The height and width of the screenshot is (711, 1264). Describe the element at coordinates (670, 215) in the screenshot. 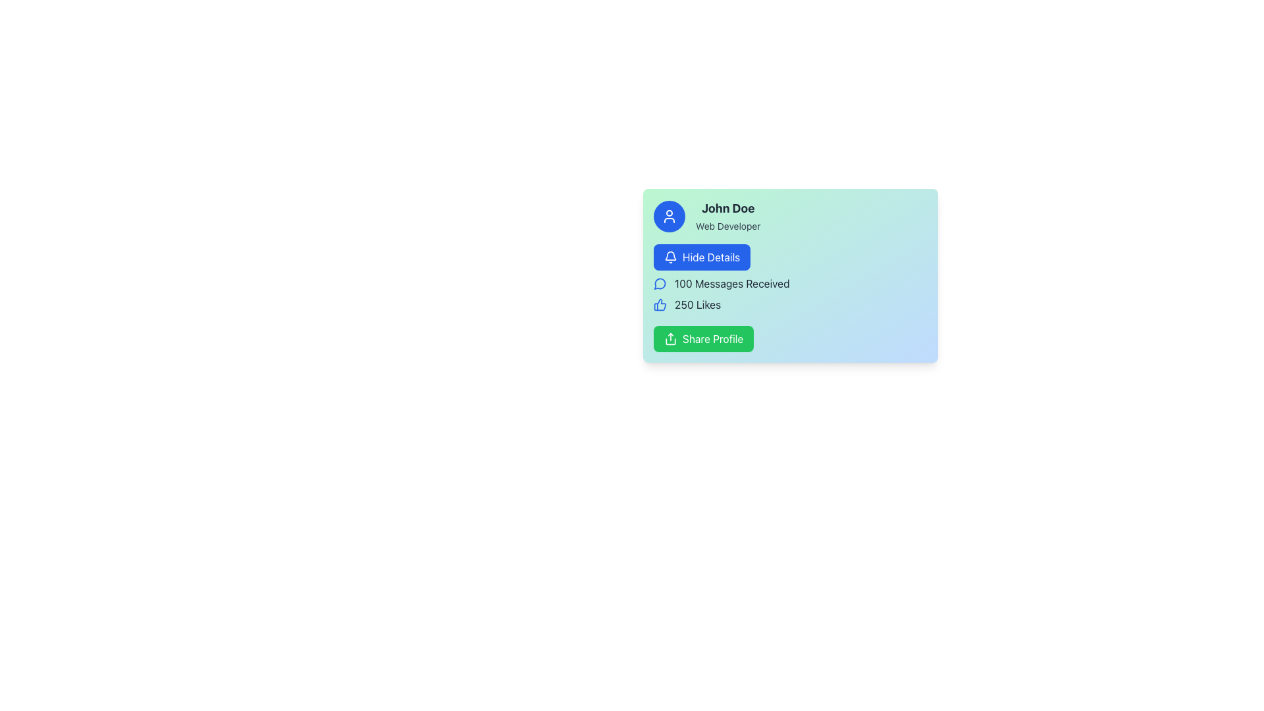

I see `the circular button with a blue background and a white user icon, which is located to the left of the text 'John Doe' and 'Web Developer'` at that location.